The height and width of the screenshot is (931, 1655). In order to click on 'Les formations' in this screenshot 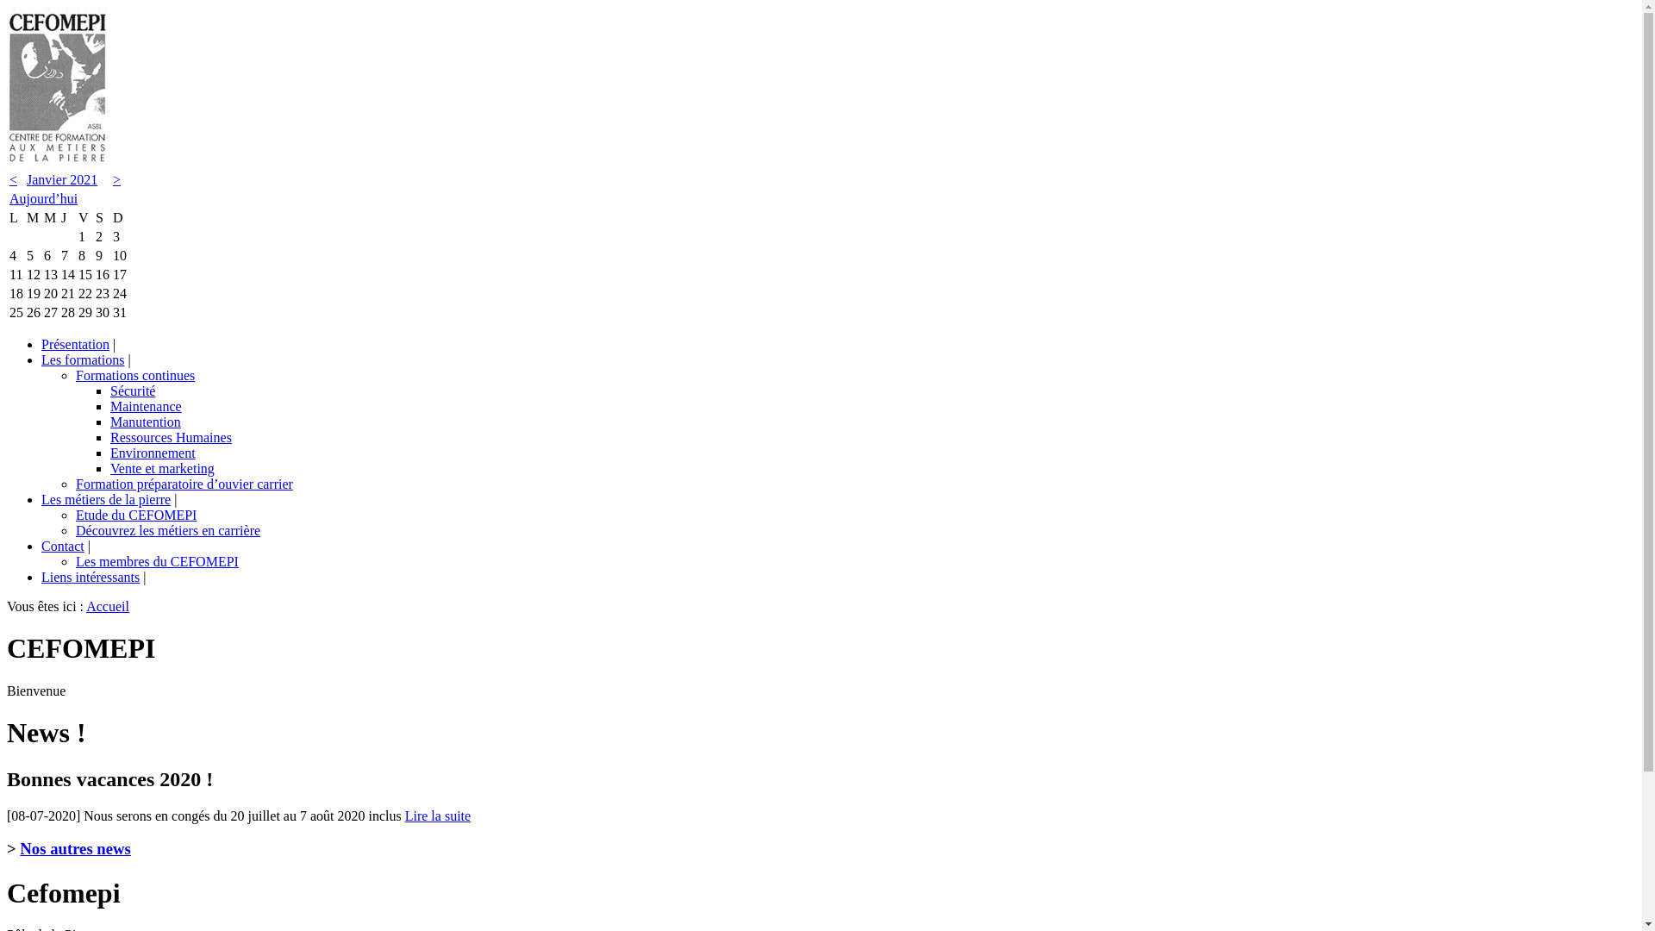, I will do `click(82, 359)`.